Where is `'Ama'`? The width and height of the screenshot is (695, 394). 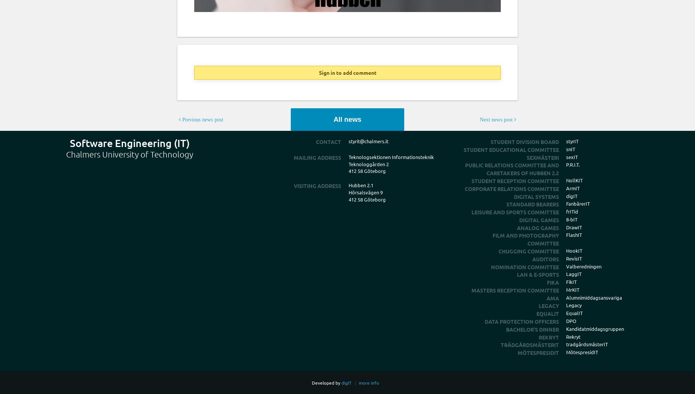
'Ama' is located at coordinates (553, 297).